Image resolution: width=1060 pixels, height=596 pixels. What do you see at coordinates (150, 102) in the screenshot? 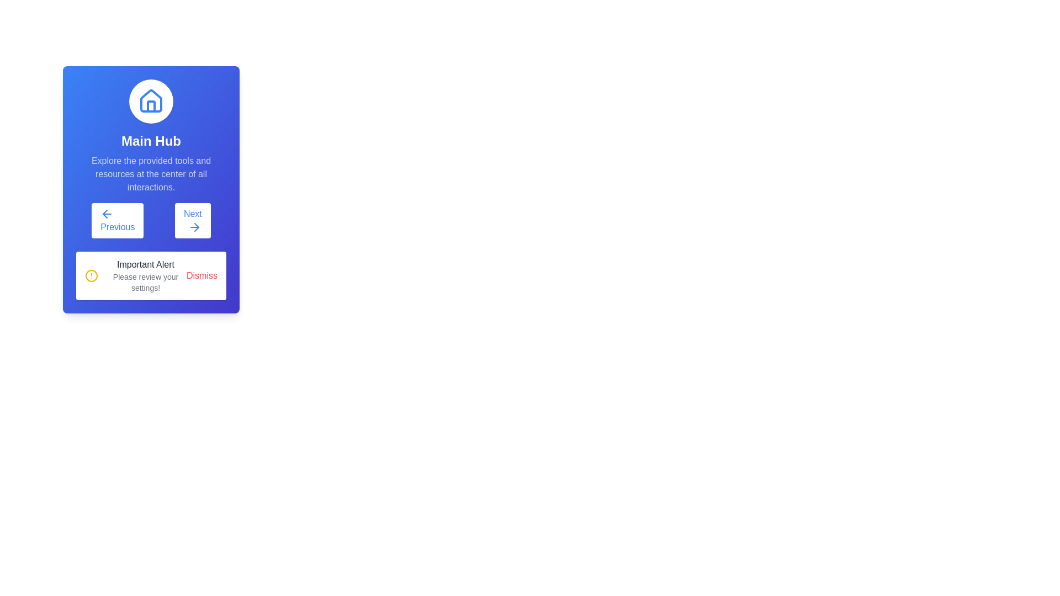
I see `the 'Main Hub' icon, which is centrally located within a white circular background at the top center of a blue card interface` at bounding box center [150, 102].